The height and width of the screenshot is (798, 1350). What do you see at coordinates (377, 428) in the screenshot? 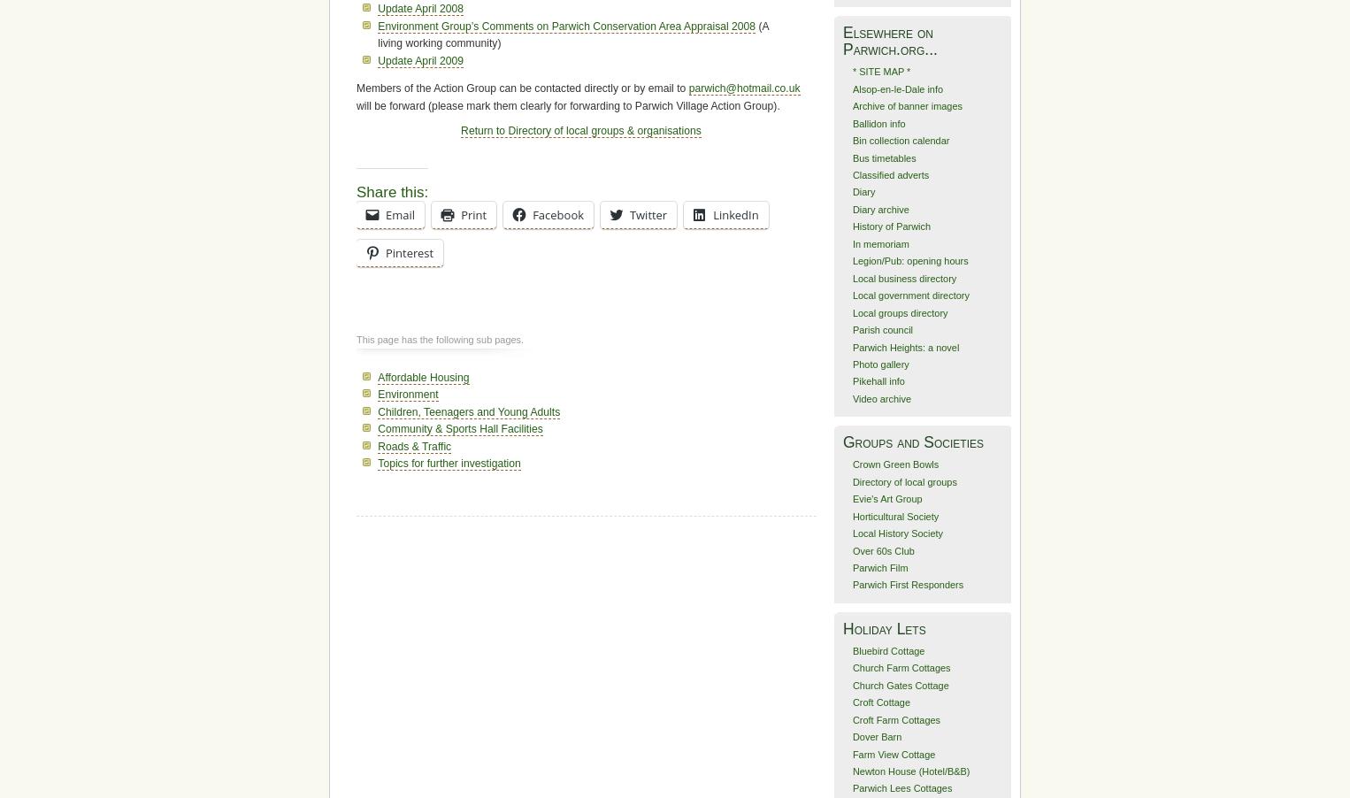
I see `'Community & Sports Hall Facilities'` at bounding box center [377, 428].